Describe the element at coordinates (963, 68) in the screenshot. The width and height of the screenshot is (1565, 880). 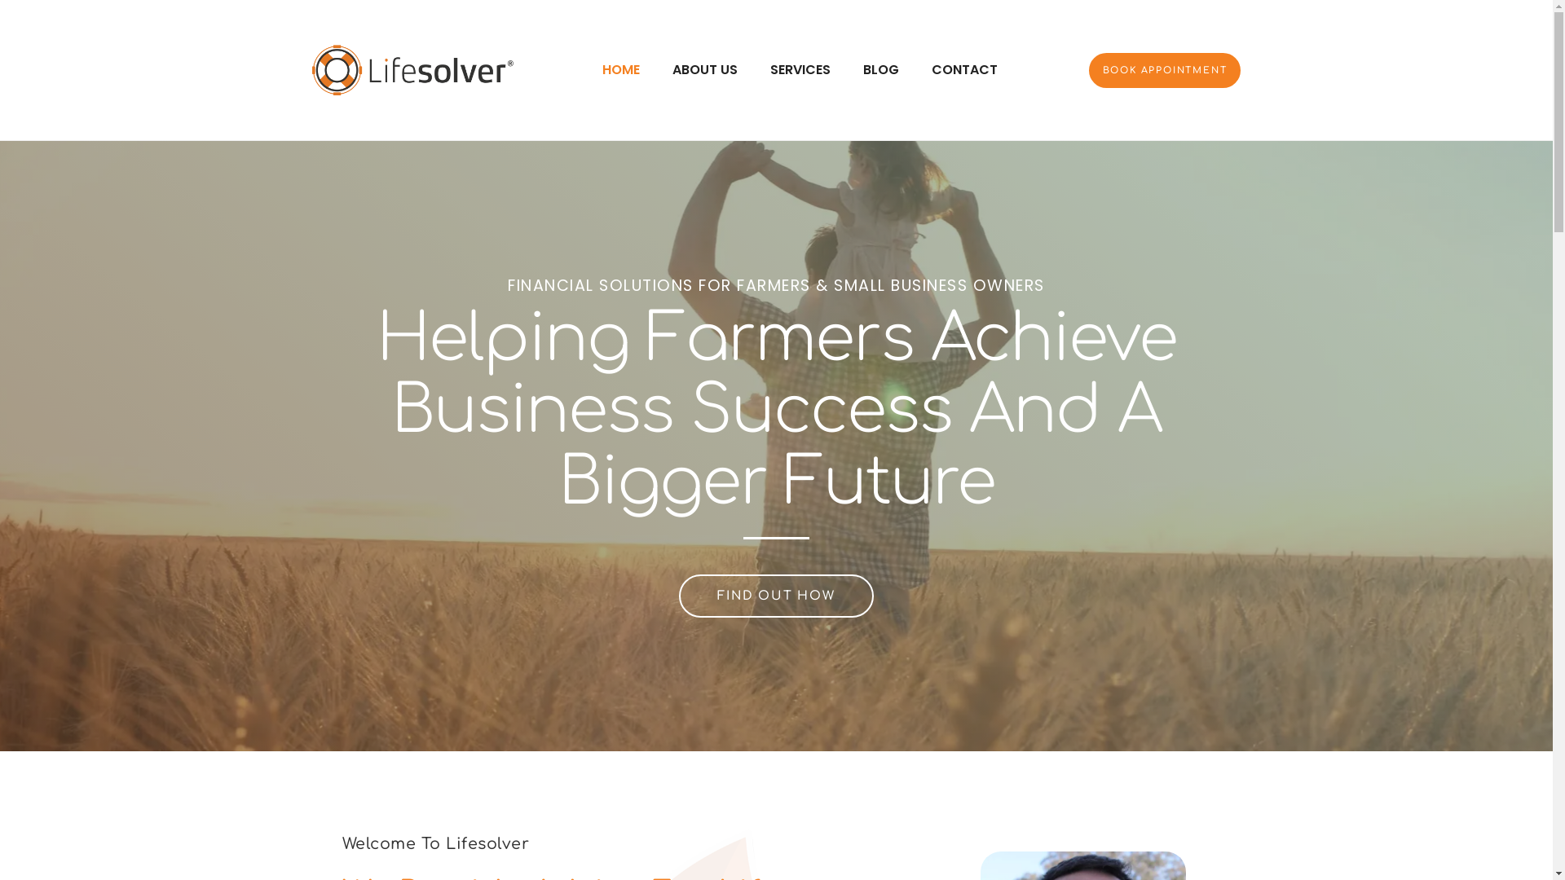
I see `'CONTACT'` at that location.